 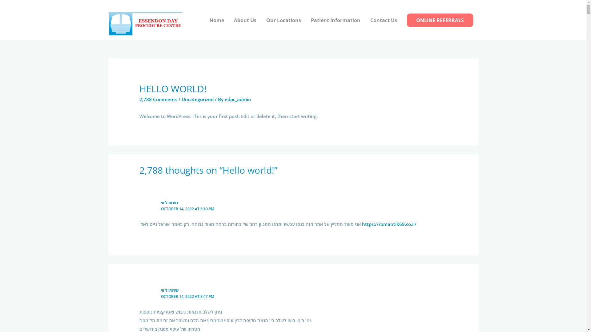 I want to click on 'ONLINE REFERRALS', so click(x=440, y=20).